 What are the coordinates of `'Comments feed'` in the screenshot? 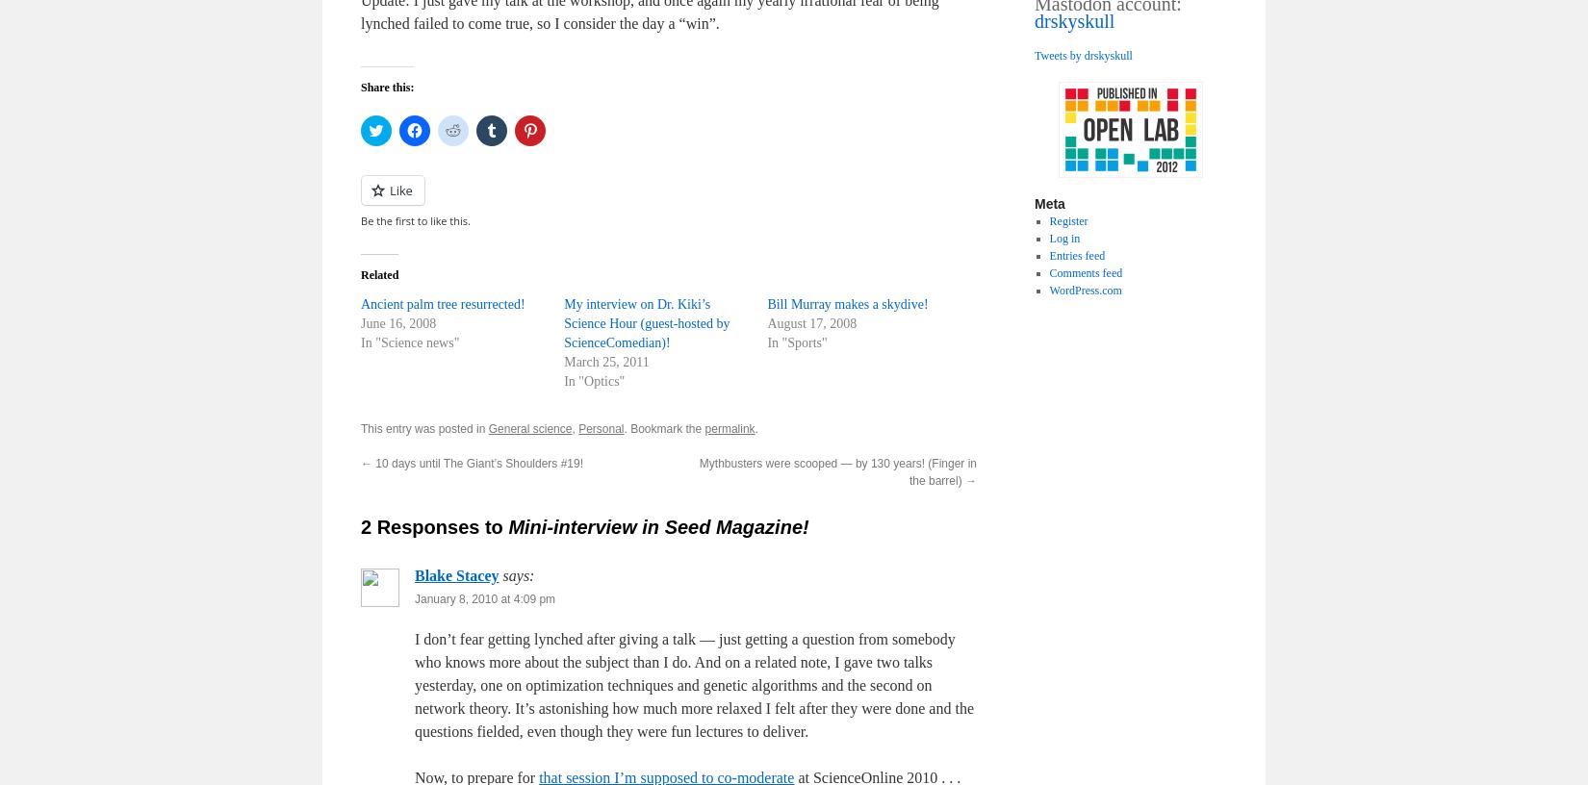 It's located at (1085, 271).